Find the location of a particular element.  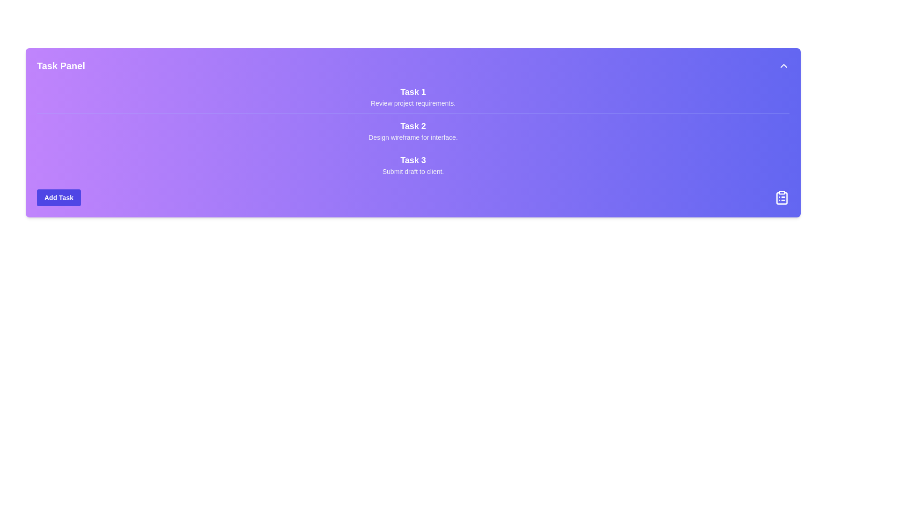

the text label that reads 'Design wireframe for interface.' which is styled in a smaller font size and lighter gray color, located below the heading 'Task 2' and above the next task entry is located at coordinates (413, 137).